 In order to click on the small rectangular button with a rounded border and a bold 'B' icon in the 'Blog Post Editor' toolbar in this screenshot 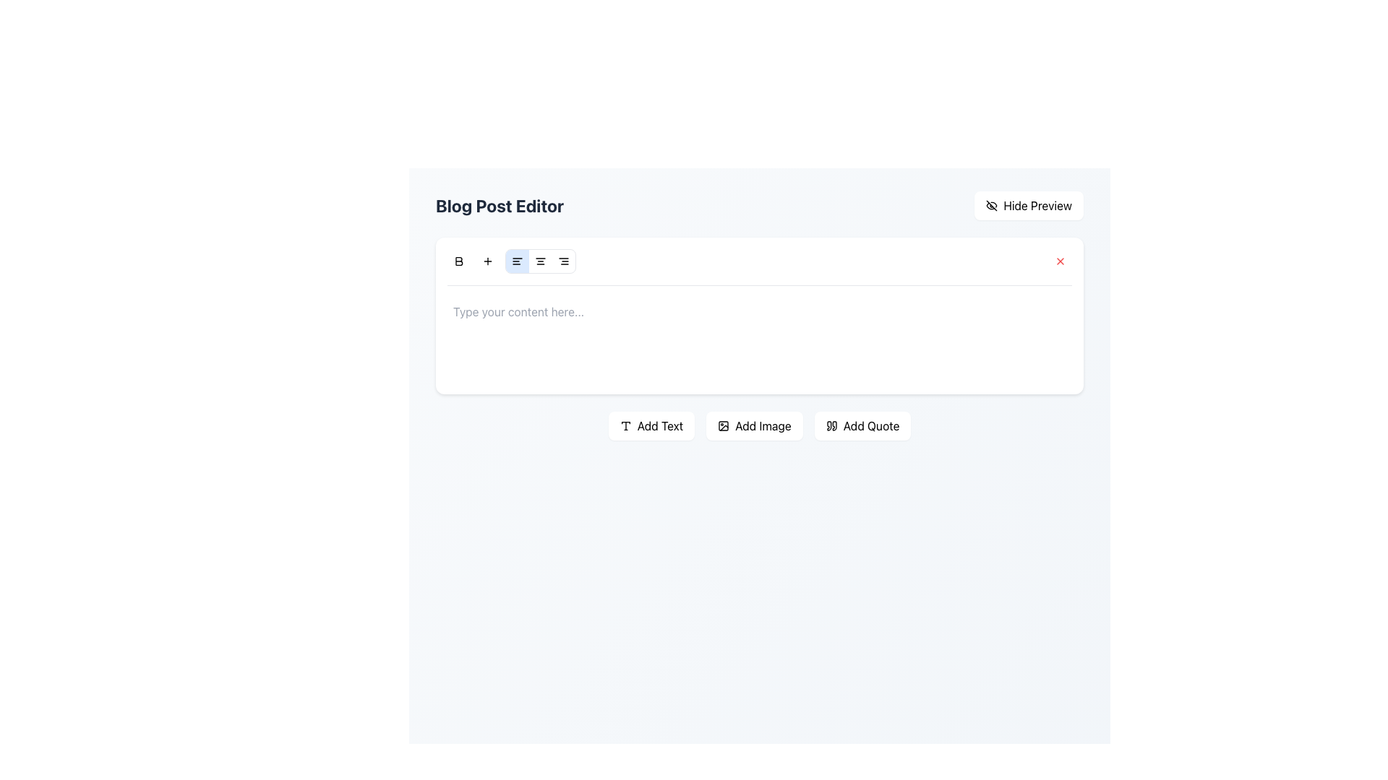, I will do `click(458, 261)`.